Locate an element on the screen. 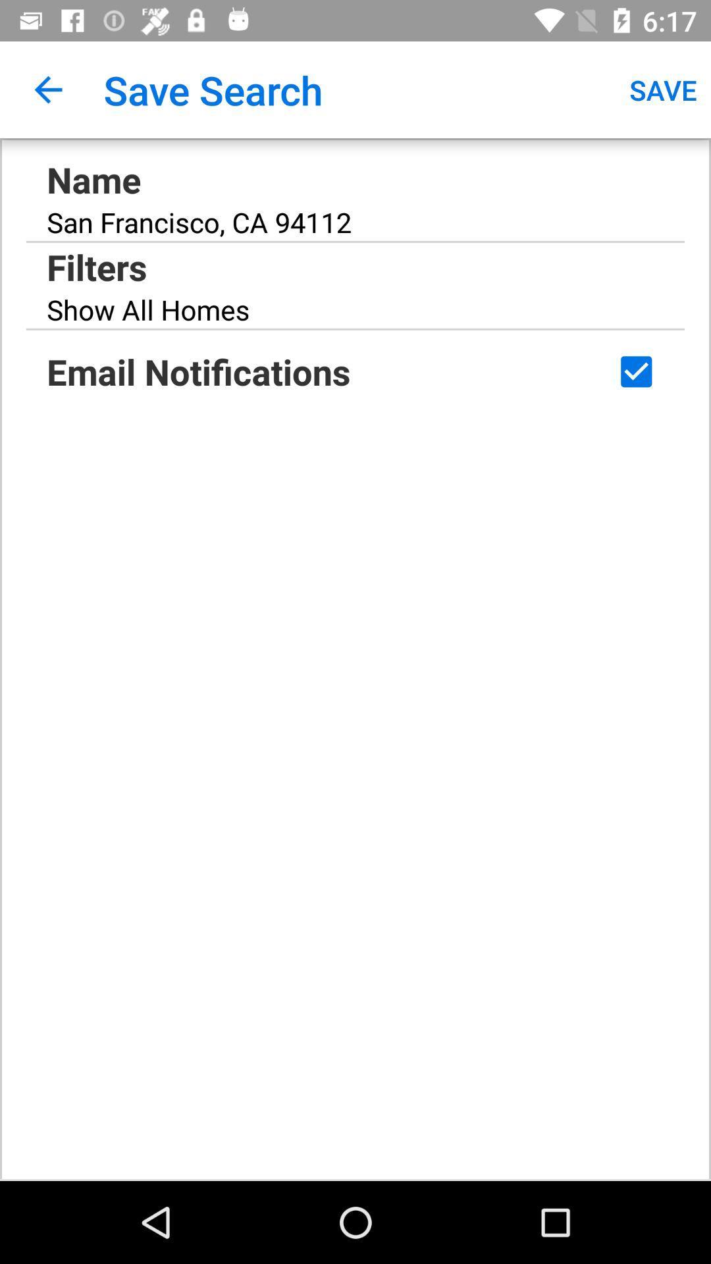 This screenshot has width=711, height=1264. turn off email notification is located at coordinates (635, 371).